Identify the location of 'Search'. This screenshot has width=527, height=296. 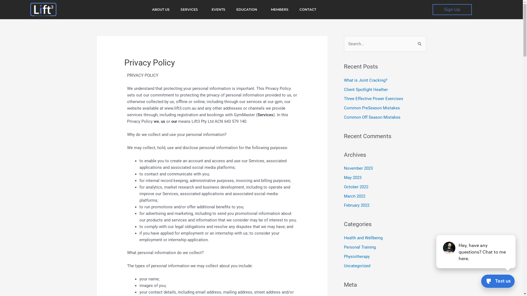
(420, 41).